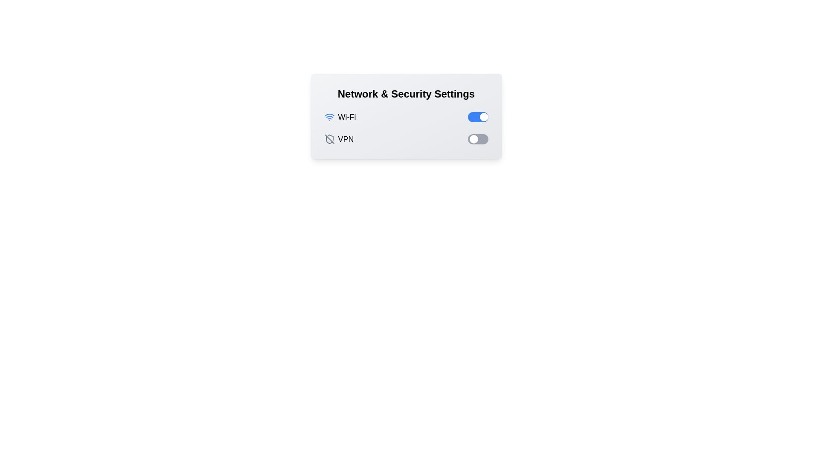 The width and height of the screenshot is (819, 460). What do you see at coordinates (473, 139) in the screenshot?
I see `the left circular toggle switch component located within the 'Network & Security Settings' card under the 'VPN' label` at bounding box center [473, 139].